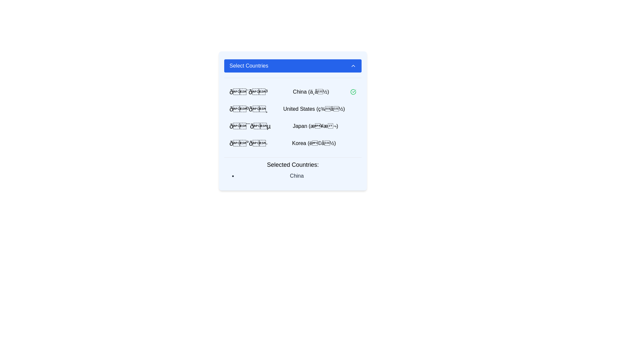 This screenshot has height=356, width=634. What do you see at coordinates (293, 169) in the screenshot?
I see `the informational text block displaying the selected countries, which includes 'China' in its bullet point list, to read the text` at bounding box center [293, 169].